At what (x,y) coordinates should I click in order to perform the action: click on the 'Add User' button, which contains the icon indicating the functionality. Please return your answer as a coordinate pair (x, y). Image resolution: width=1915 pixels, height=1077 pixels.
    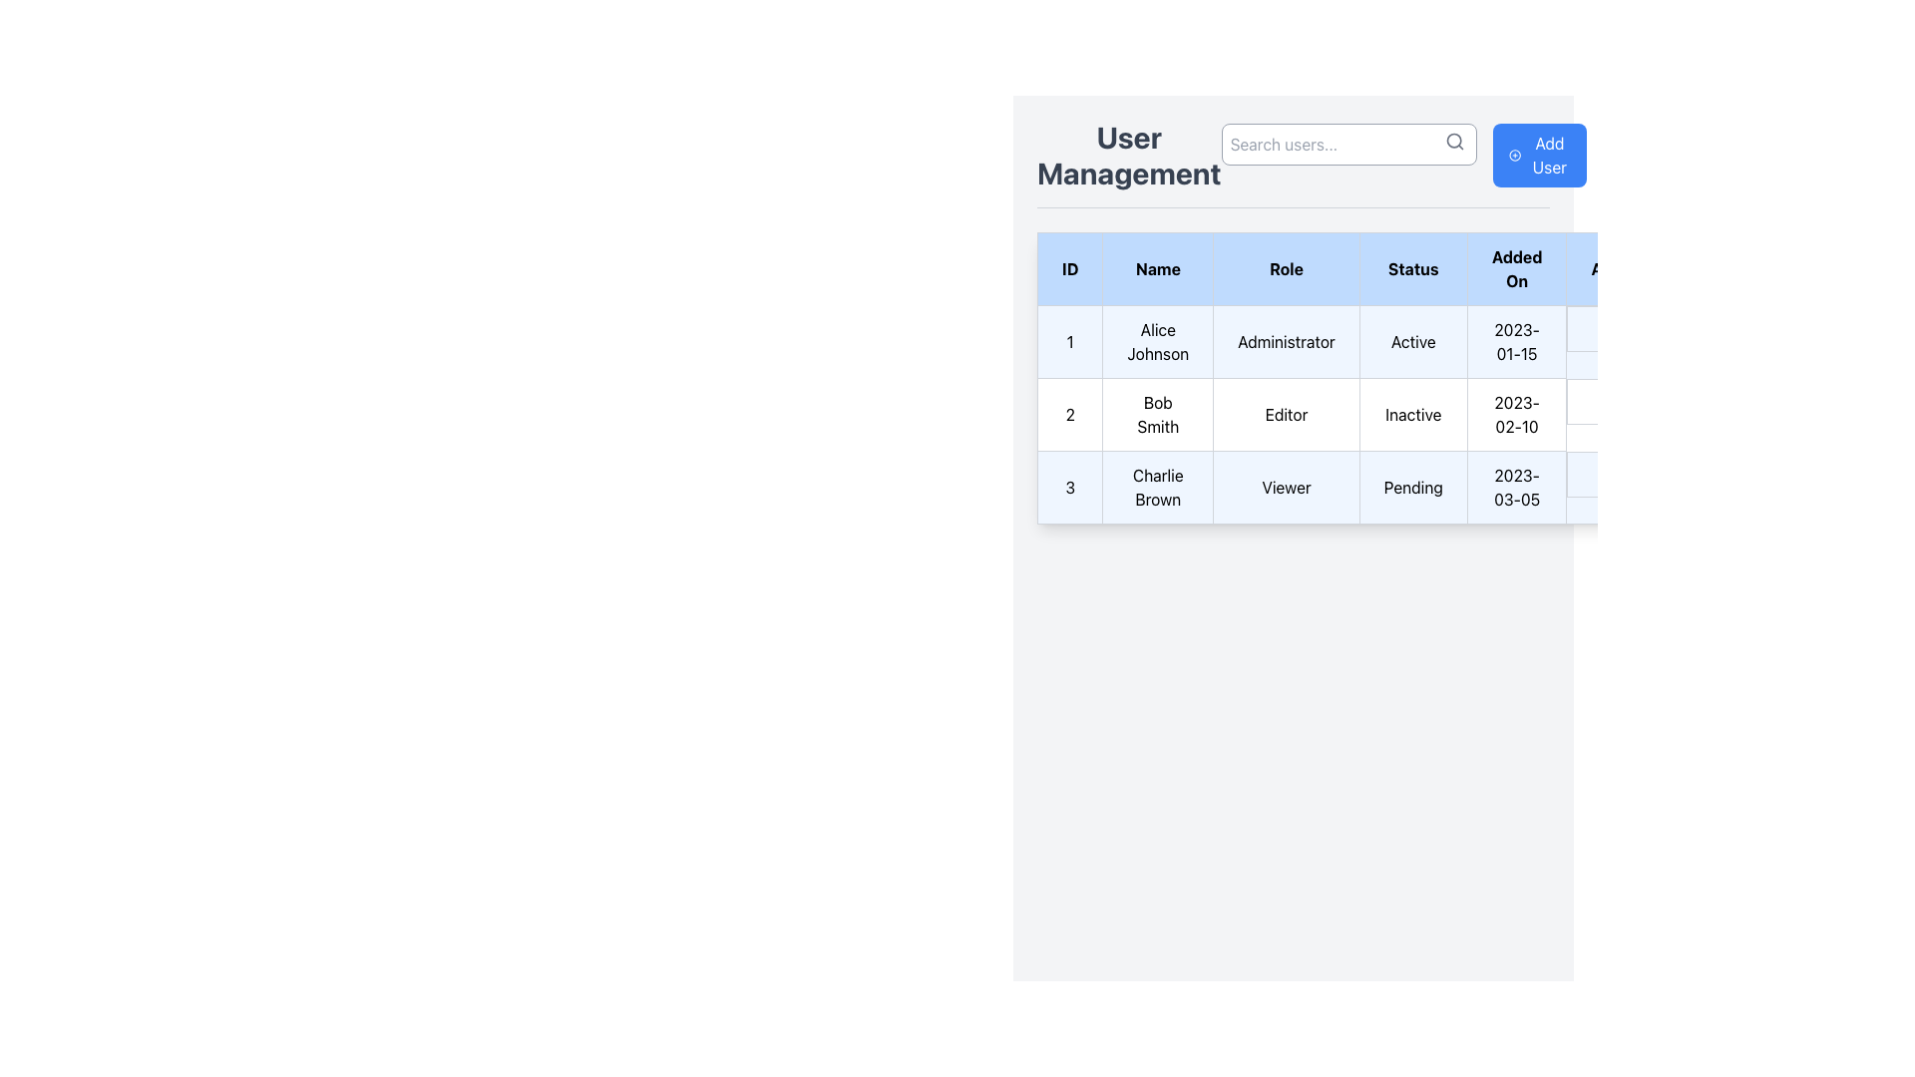
    Looking at the image, I should click on (1513, 154).